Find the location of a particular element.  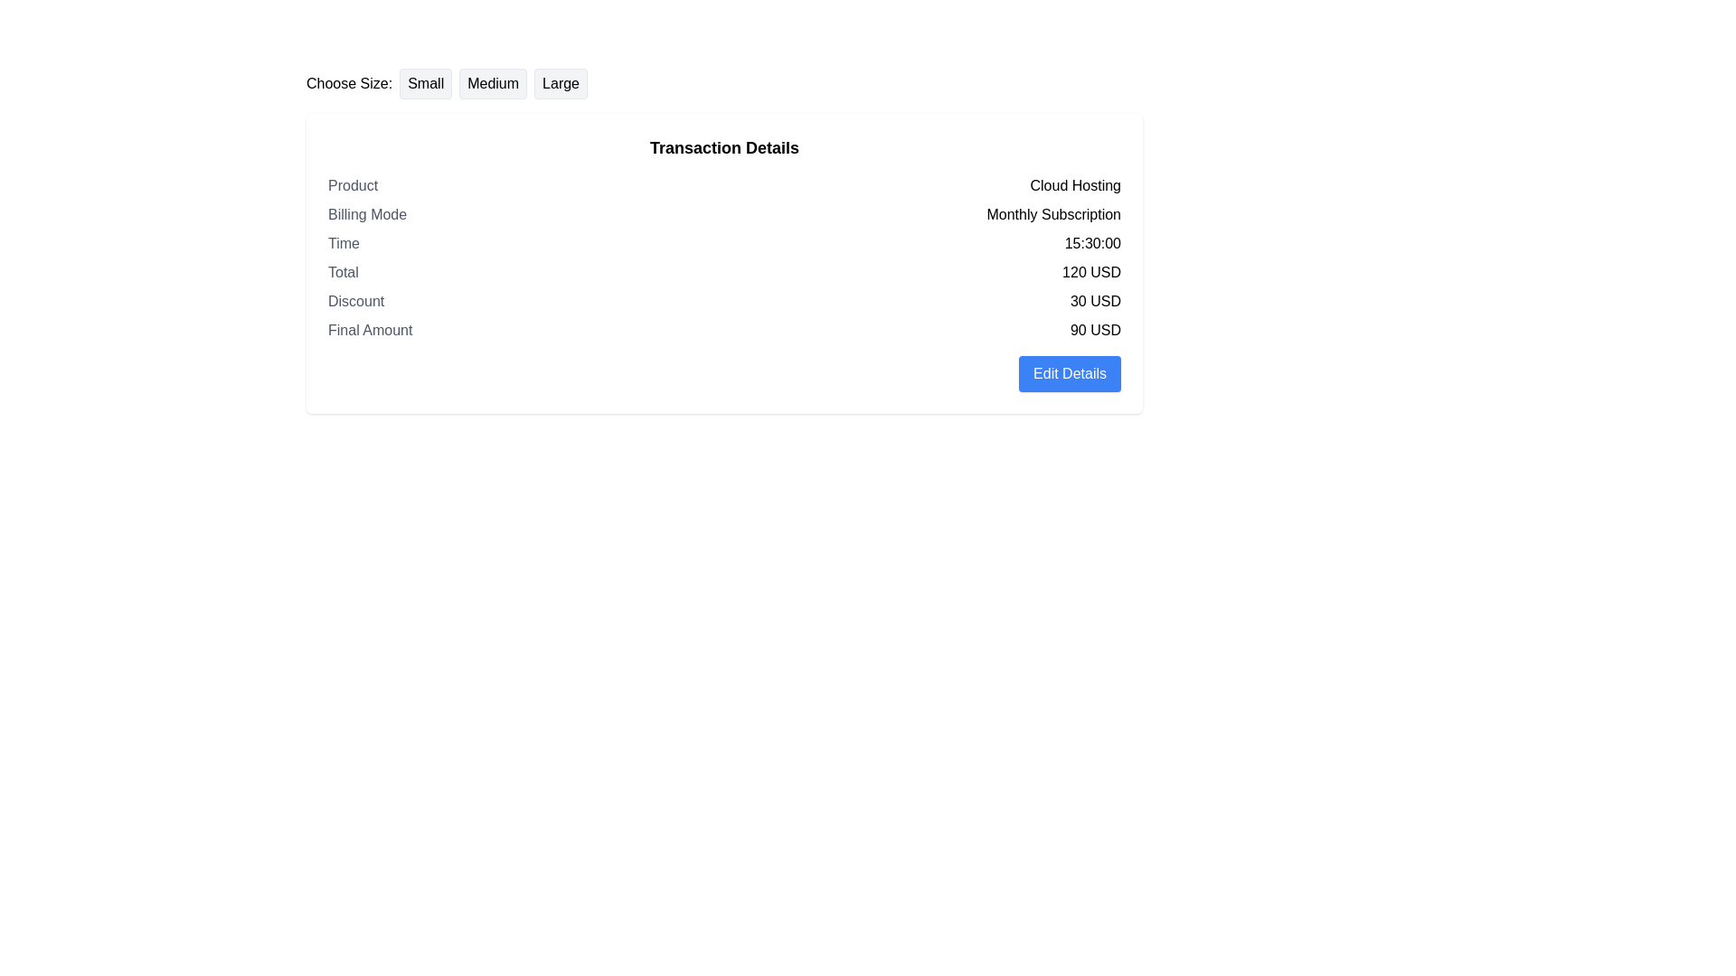

the medium-sized rectangular button labeled 'Medium' is located at coordinates (493, 83).